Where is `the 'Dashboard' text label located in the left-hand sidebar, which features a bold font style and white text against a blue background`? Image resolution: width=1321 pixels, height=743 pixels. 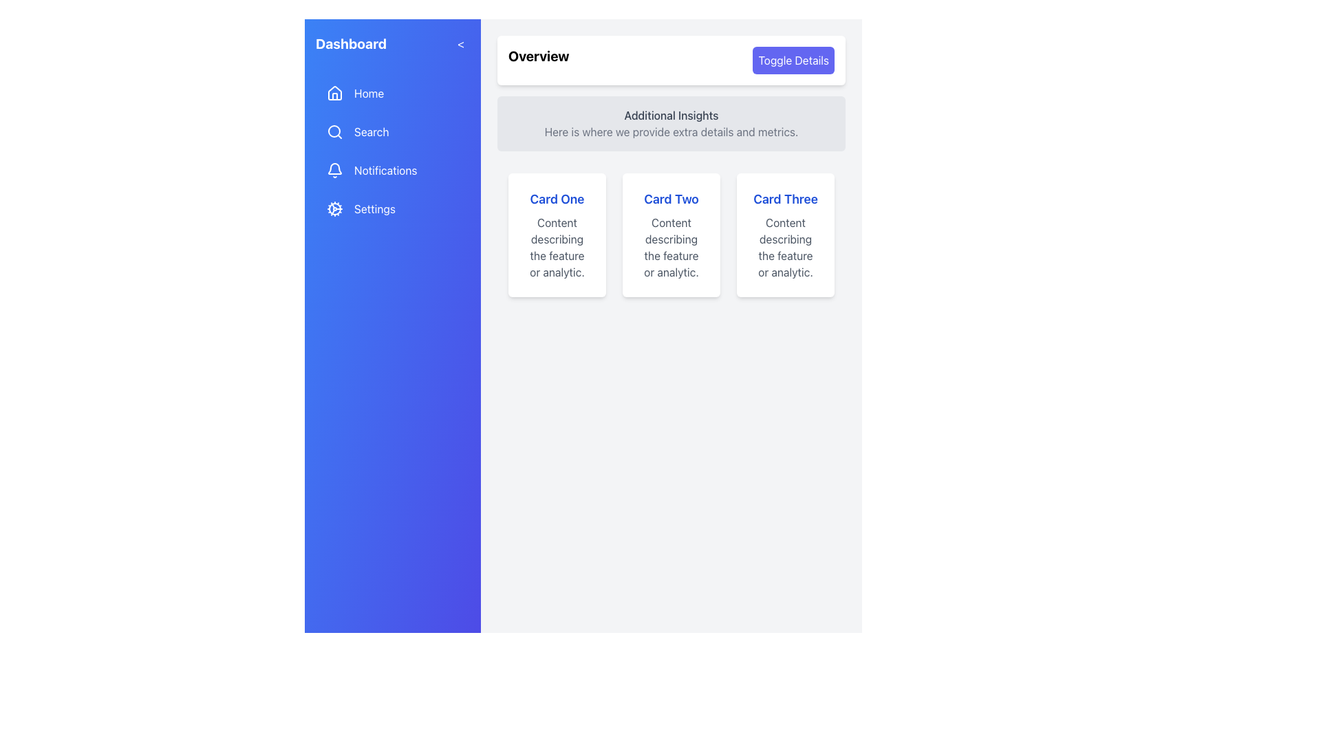 the 'Dashboard' text label located in the left-hand sidebar, which features a bold font style and white text against a blue background is located at coordinates (351, 43).